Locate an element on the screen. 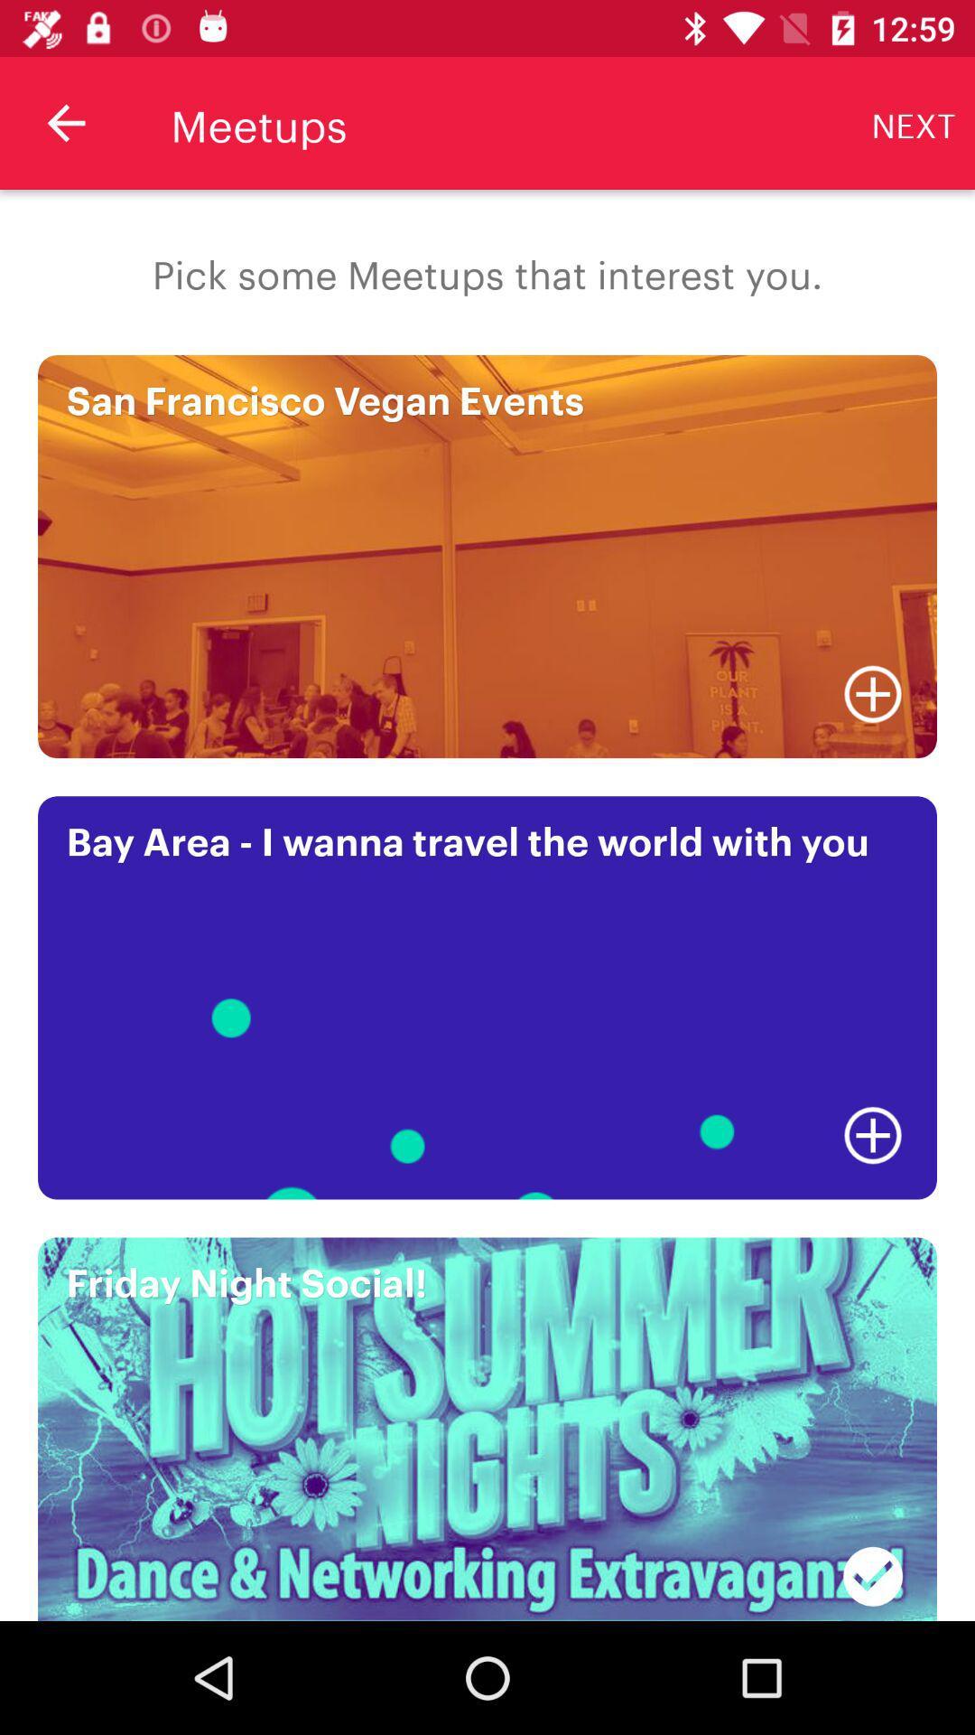 This screenshot has width=975, height=1735. icon next to the meetups icon is located at coordinates (914, 122).